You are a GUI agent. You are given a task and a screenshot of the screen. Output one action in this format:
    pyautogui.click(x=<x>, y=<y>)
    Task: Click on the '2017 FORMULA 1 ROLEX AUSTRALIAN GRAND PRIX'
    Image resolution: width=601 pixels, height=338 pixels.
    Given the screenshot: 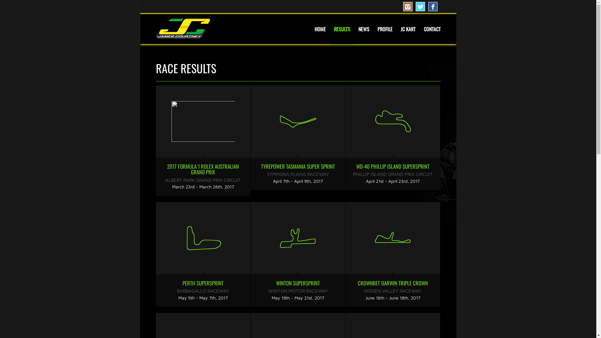 What is the action you would take?
    pyautogui.click(x=203, y=169)
    